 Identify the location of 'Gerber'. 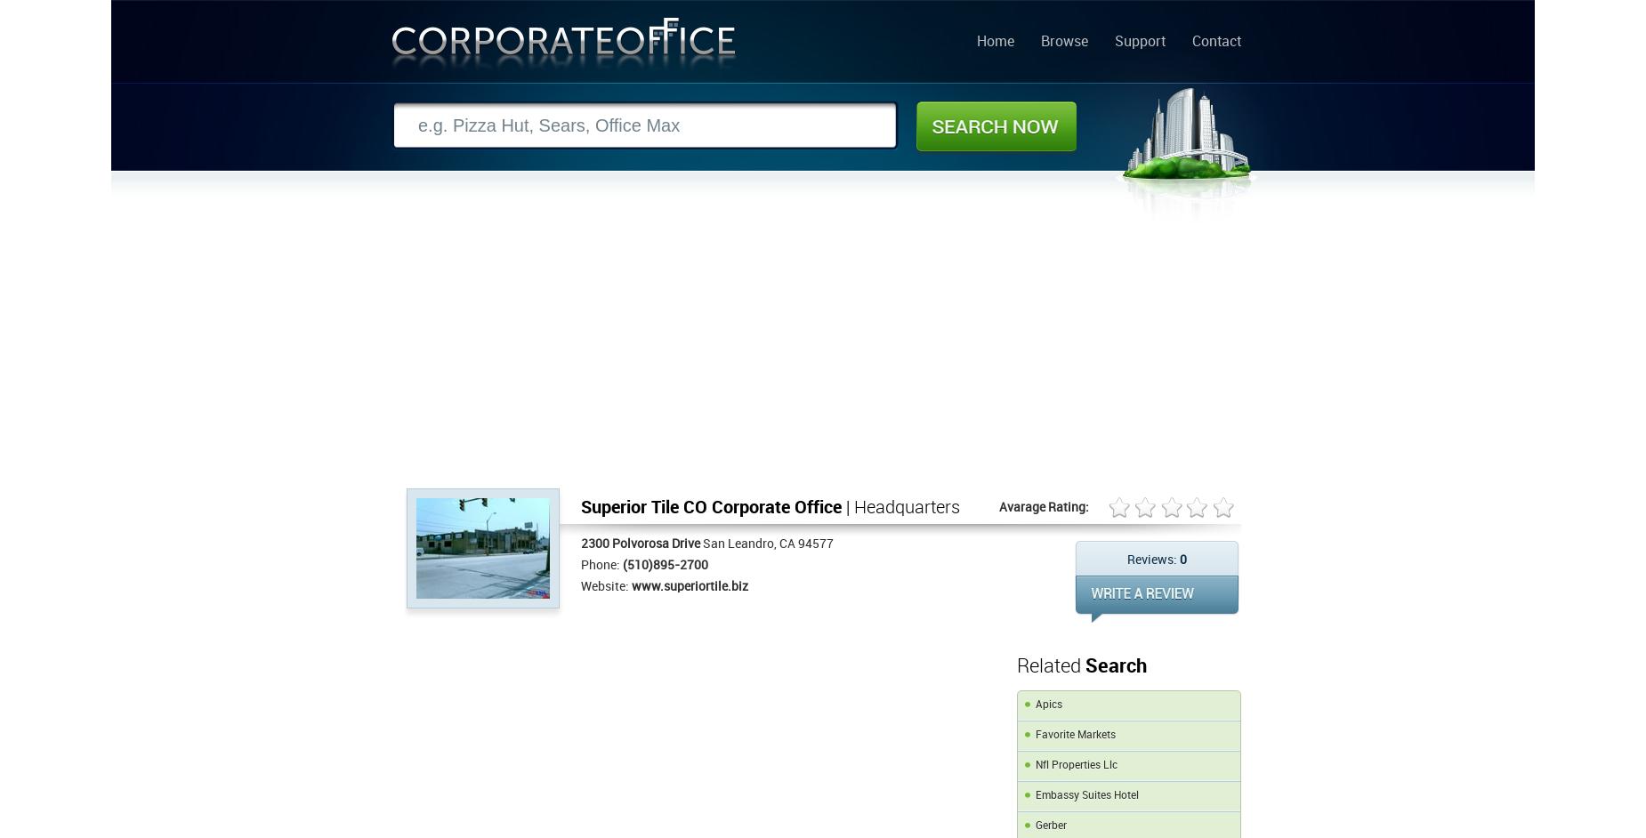
(1050, 825).